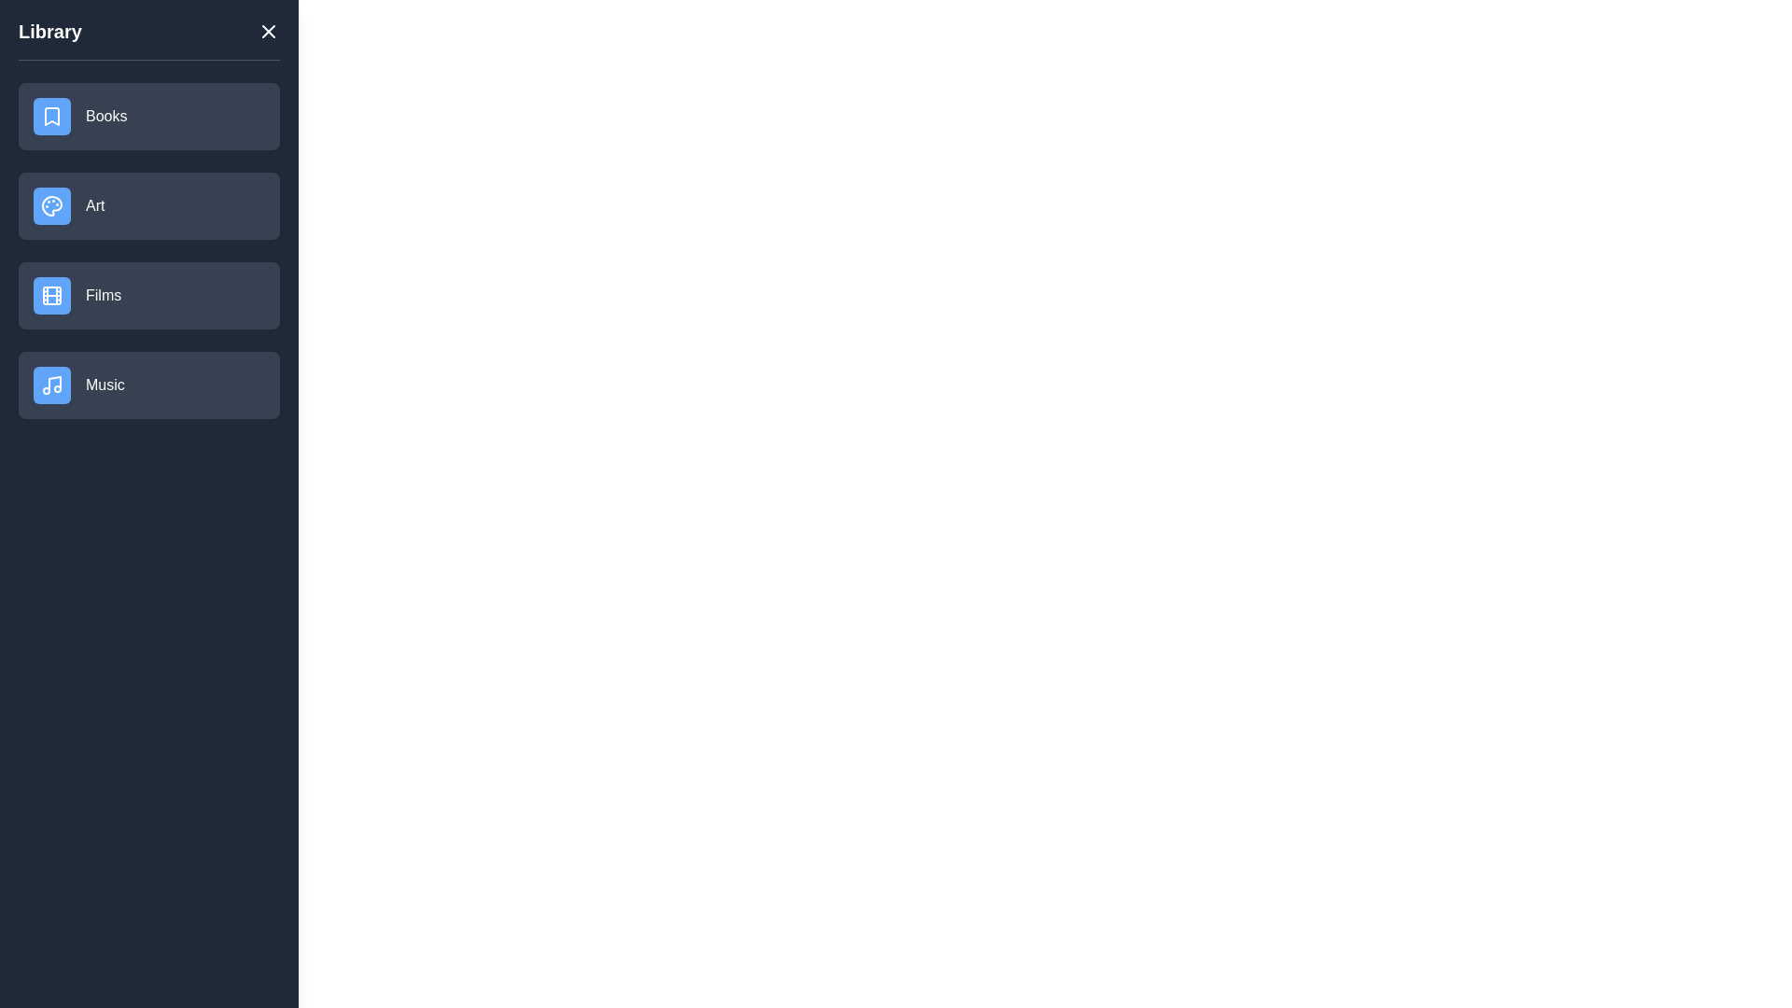 This screenshot has width=1792, height=1008. What do you see at coordinates (147, 39) in the screenshot?
I see `the Library heading visually` at bounding box center [147, 39].